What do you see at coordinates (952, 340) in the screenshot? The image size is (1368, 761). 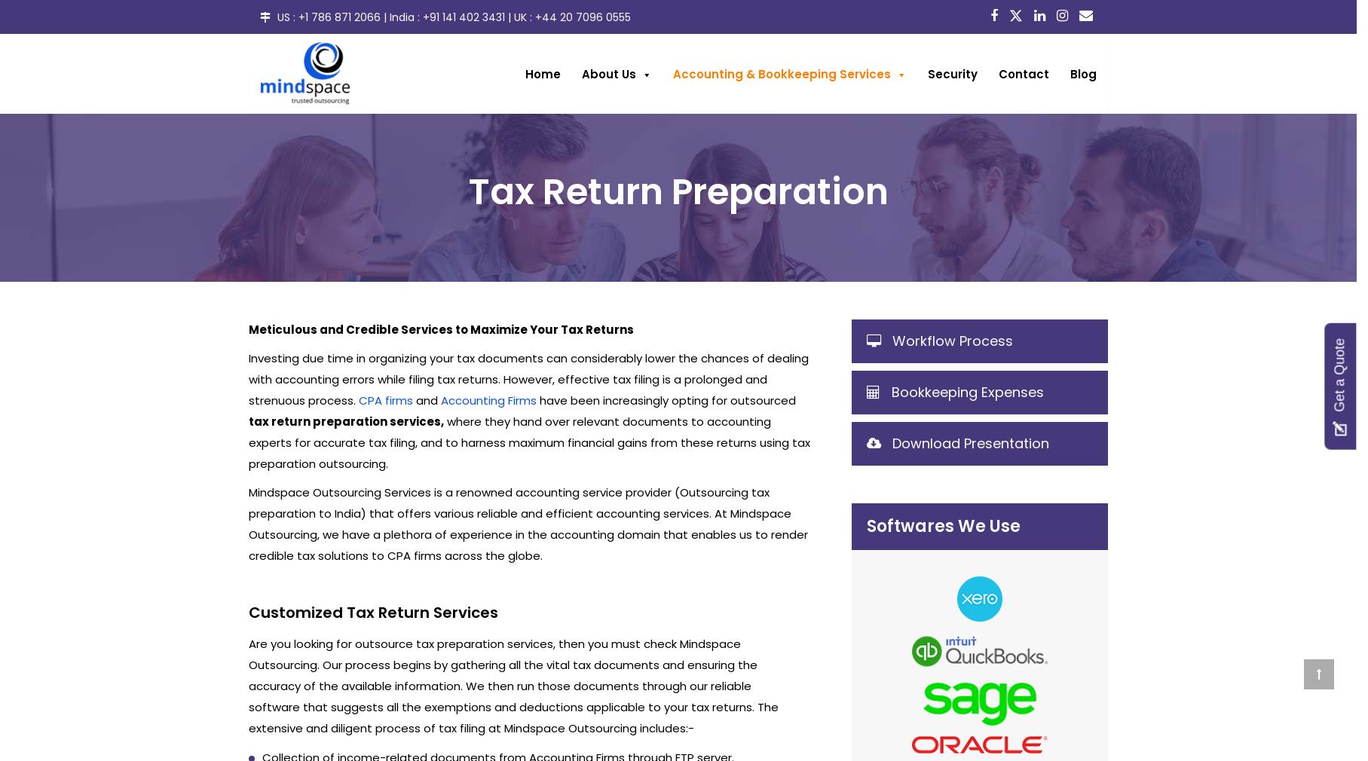 I see `'Workflow Process'` at bounding box center [952, 340].